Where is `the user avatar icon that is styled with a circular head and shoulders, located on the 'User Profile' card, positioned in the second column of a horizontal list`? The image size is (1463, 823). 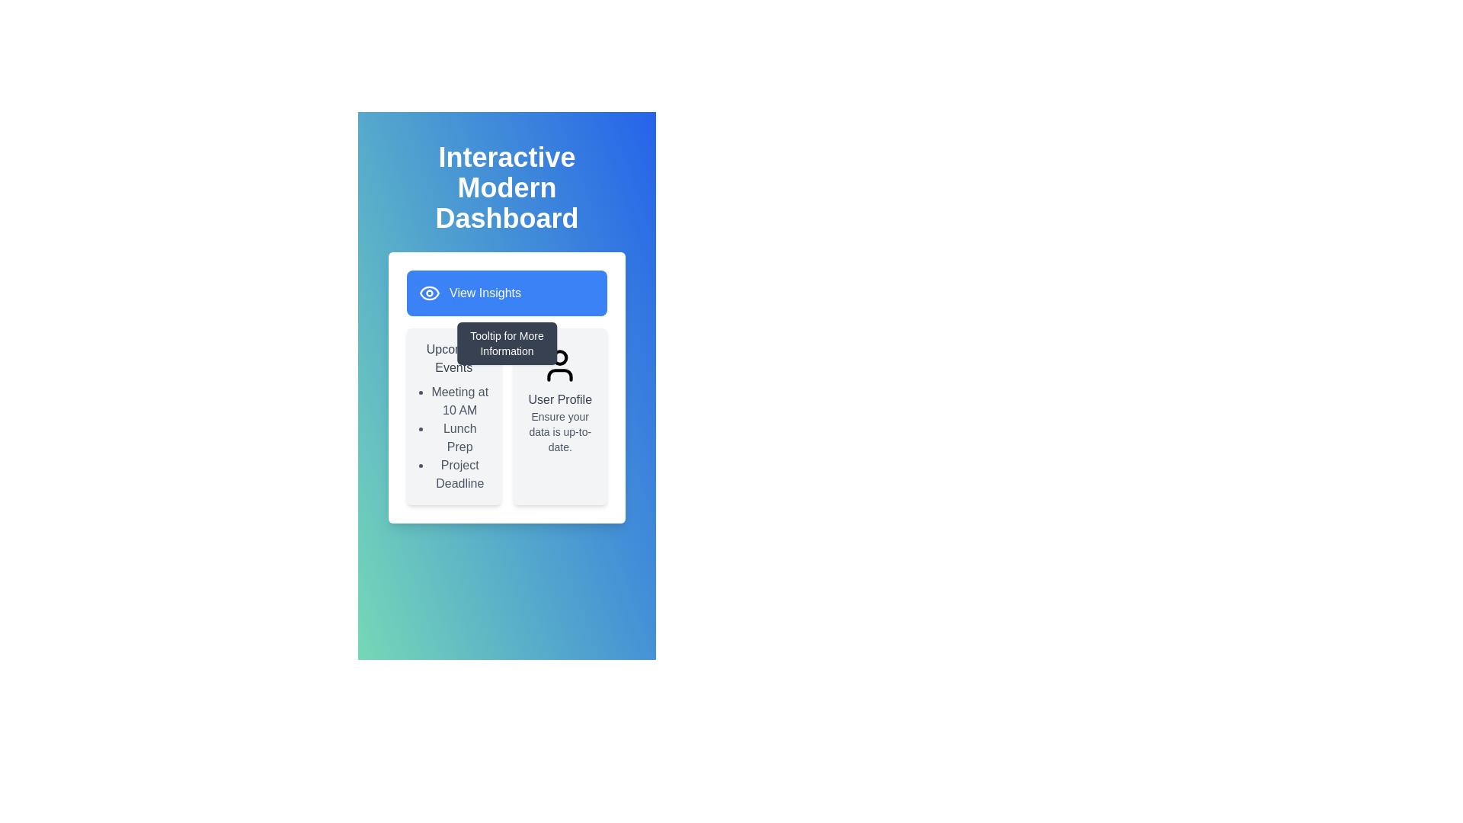
the user avatar icon that is styled with a circular head and shoulders, located on the 'User Profile' card, positioned in the second column of a horizontal list is located at coordinates (559, 365).